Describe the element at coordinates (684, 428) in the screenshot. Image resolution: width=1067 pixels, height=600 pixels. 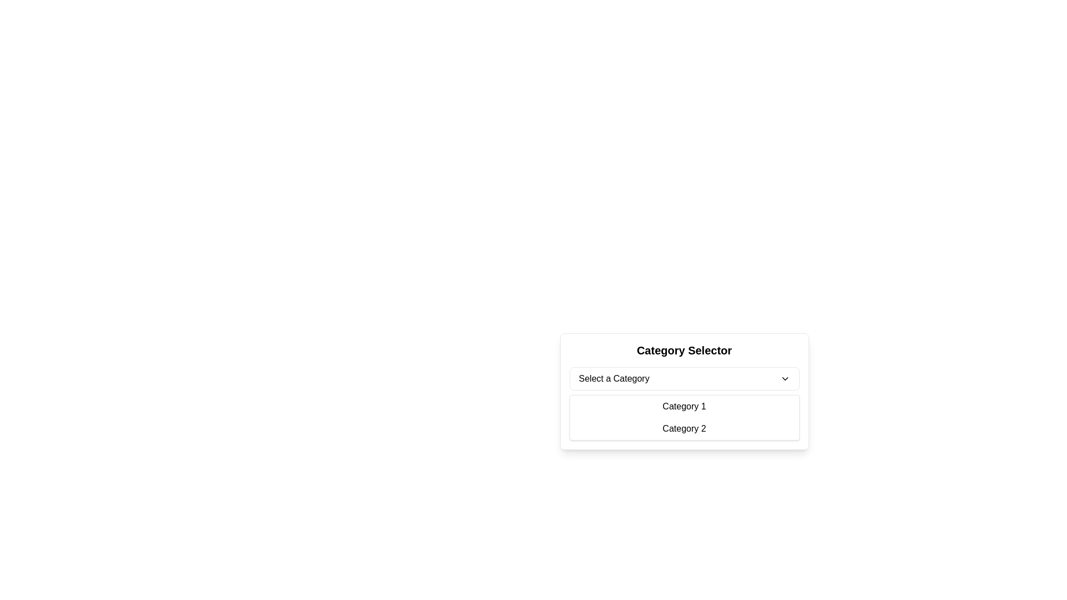
I see `the dropdown menu option labeled 'Category 2' by tapping on it for selection on touch devices` at that location.